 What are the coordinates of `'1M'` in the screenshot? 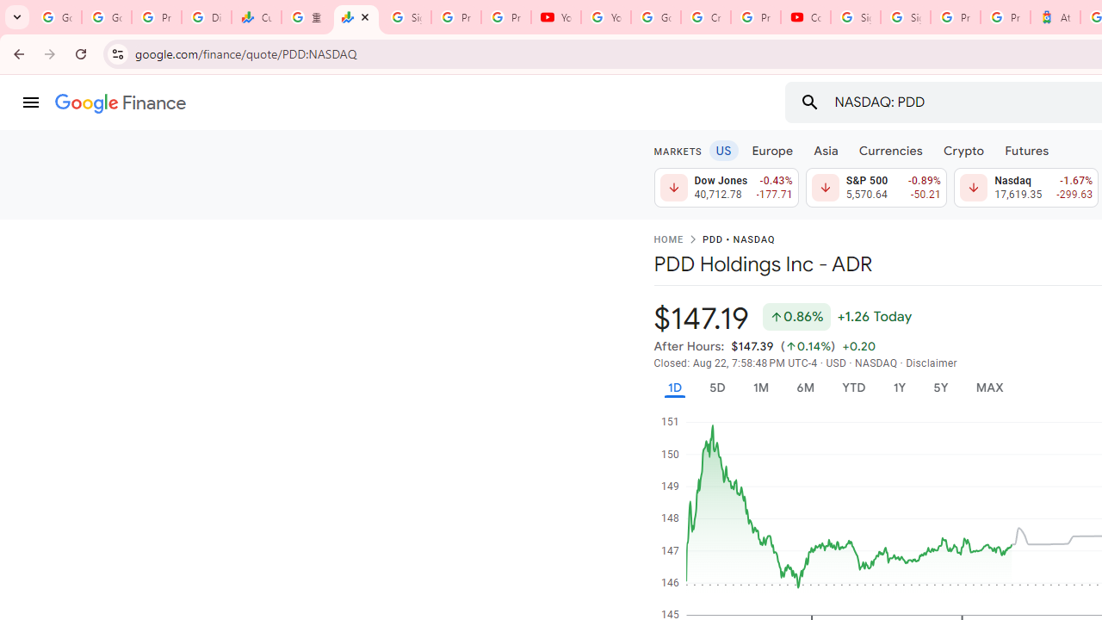 It's located at (759, 387).